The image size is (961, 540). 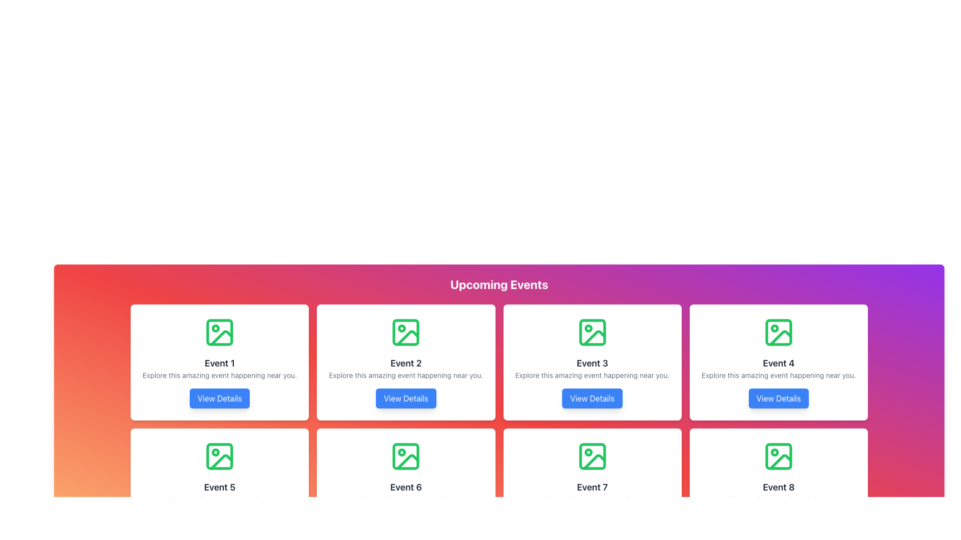 I want to click on the Decorative component in the top-left corner of the 'Event 1' card within the 'Upcoming Events' grid, so click(x=219, y=332).